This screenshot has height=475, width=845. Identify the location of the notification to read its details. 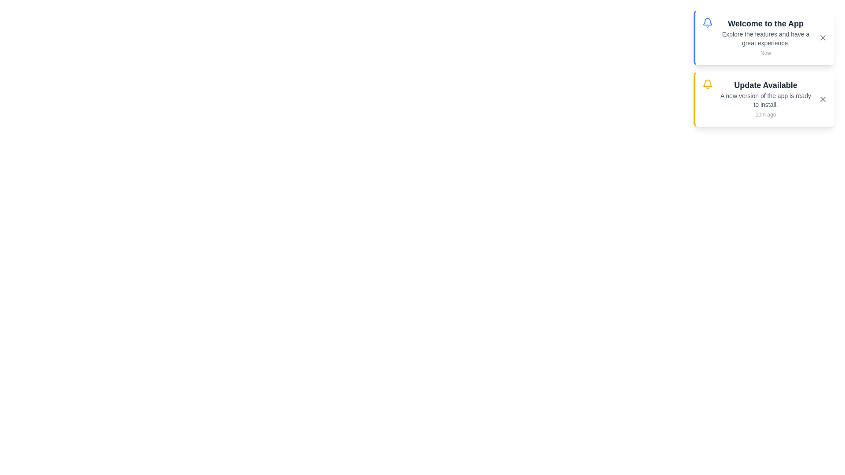
(764, 99).